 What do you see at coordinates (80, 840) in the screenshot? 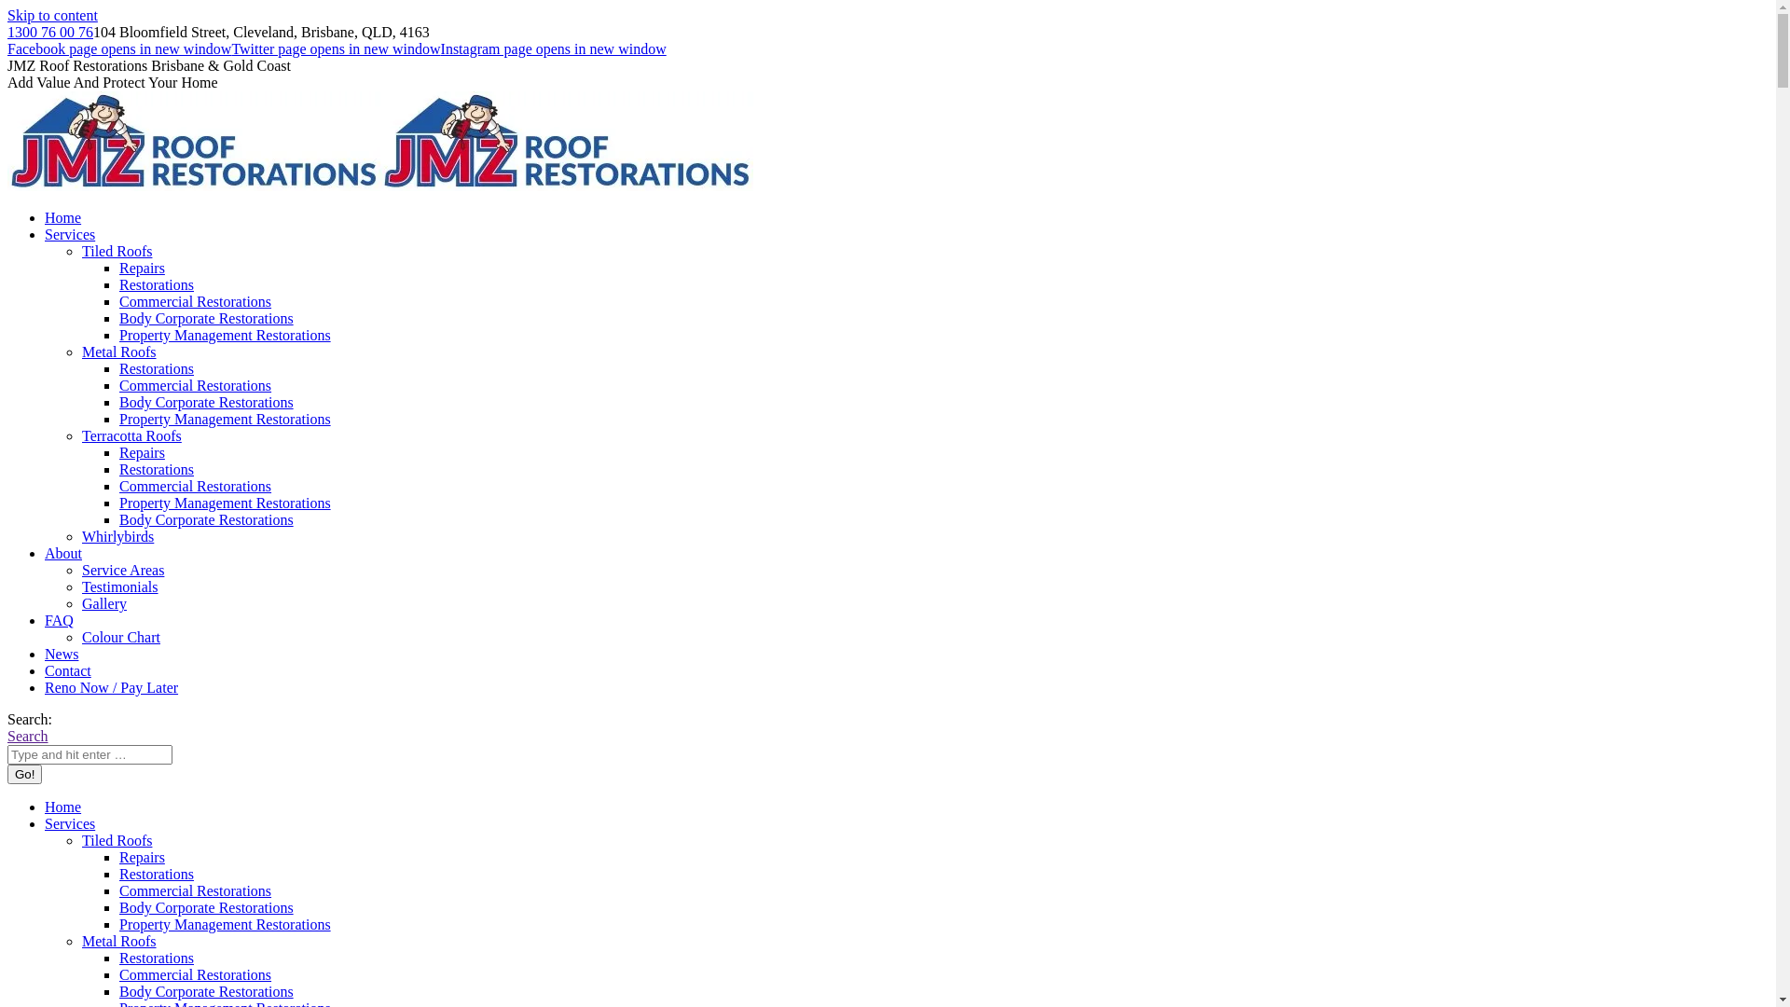
I see `'Tiled Roofs'` at bounding box center [80, 840].